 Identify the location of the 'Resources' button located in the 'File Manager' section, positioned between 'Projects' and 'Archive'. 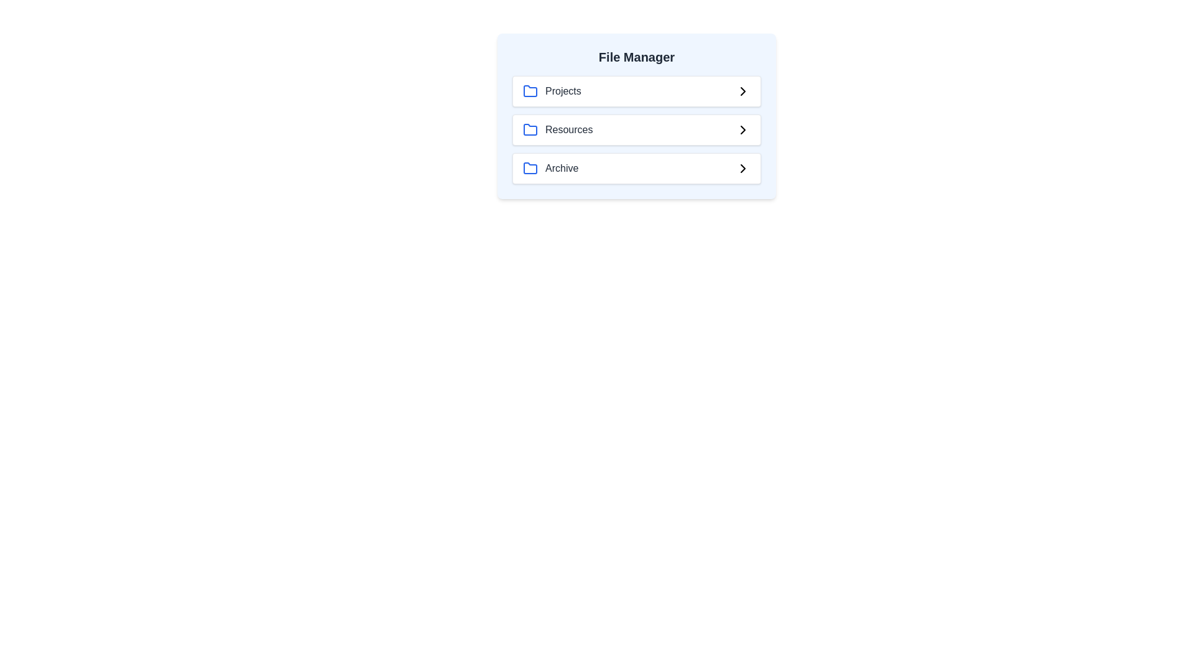
(636, 129).